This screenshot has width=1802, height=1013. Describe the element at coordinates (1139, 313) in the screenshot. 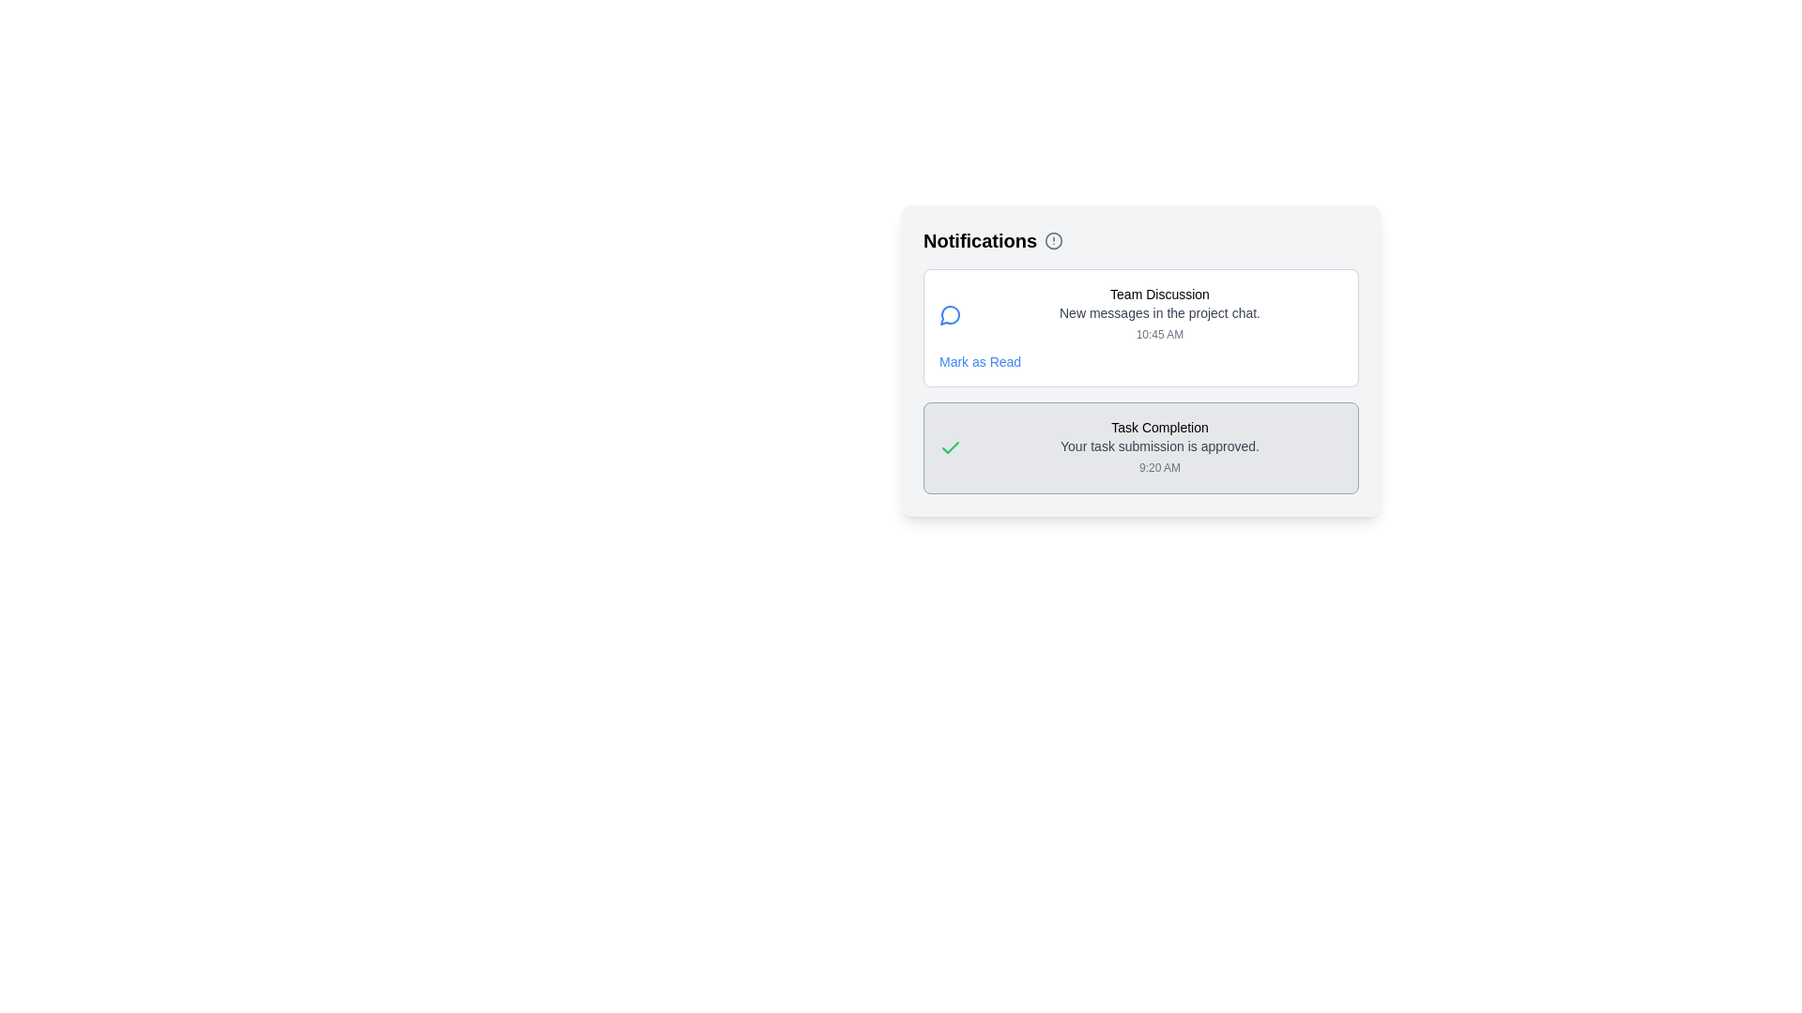

I see `the notification item containing details about a new message in the 'Team Discussion' chat` at that location.